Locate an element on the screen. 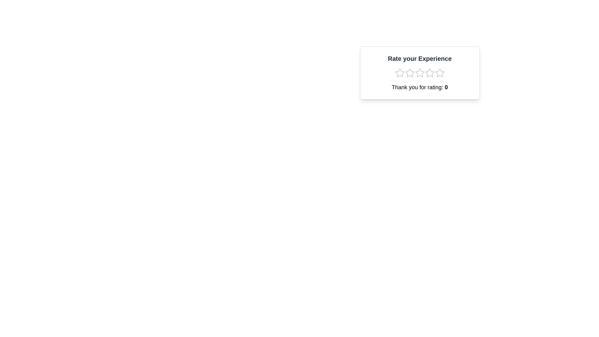 This screenshot has width=599, height=337. the text label that displays 'Thank you for rating: 0', which is located below a group of five star icons and is horizontally centered is located at coordinates (420, 87).